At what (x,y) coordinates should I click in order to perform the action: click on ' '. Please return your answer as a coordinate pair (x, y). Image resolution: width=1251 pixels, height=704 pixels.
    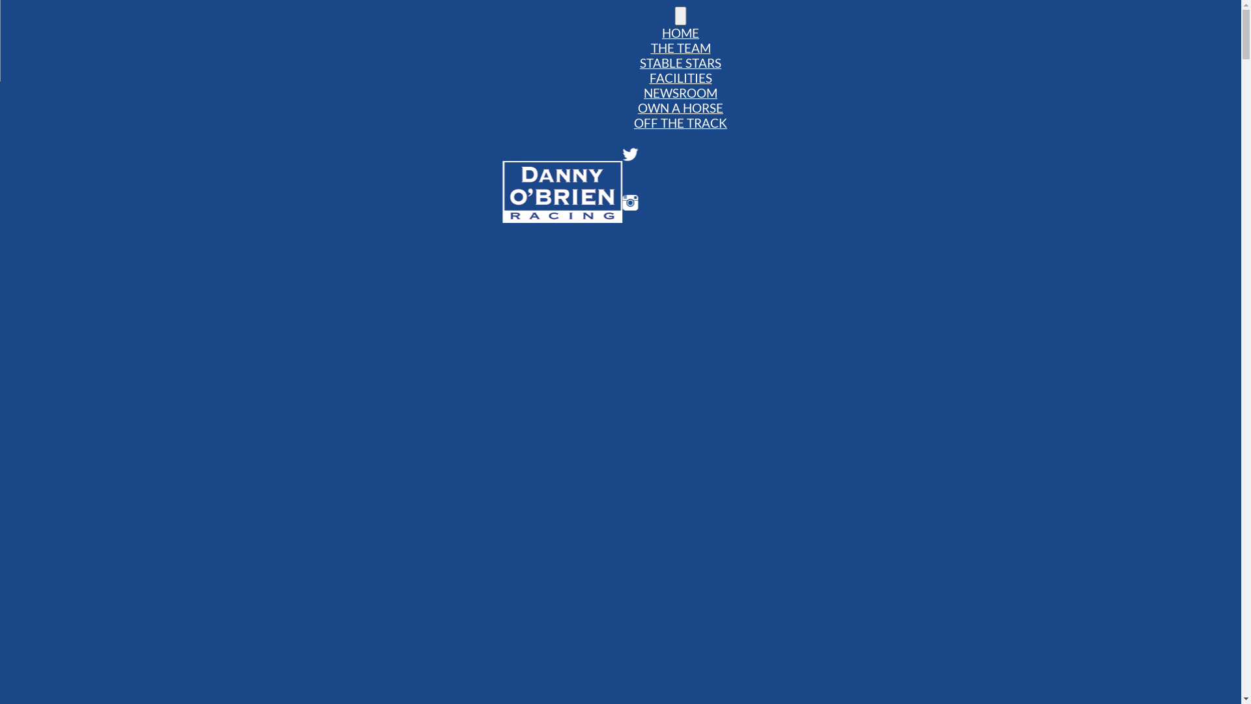
    Looking at the image, I should click on (680, 16).